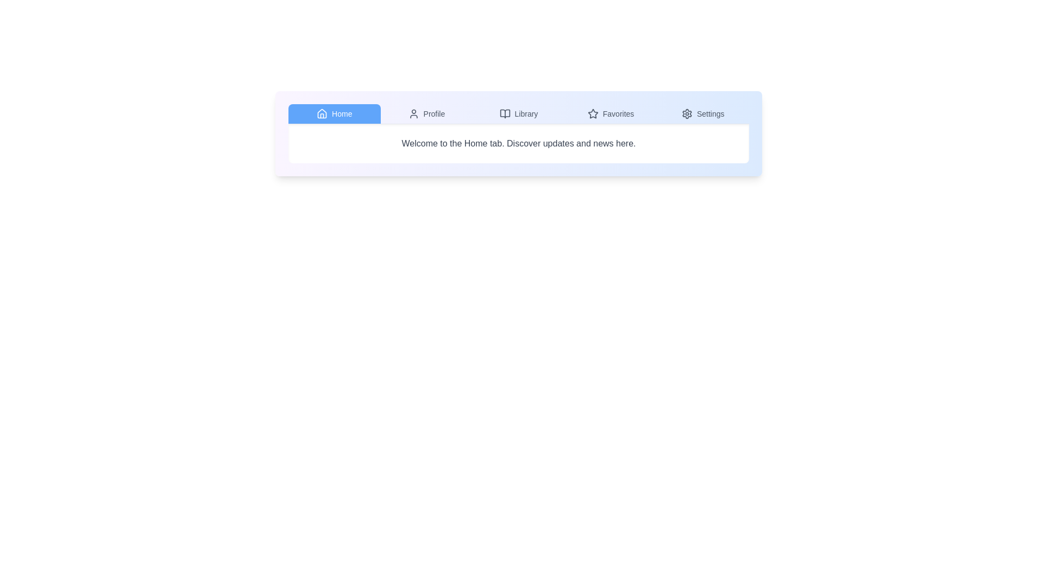 The width and height of the screenshot is (1043, 586). What do you see at coordinates (686, 113) in the screenshot?
I see `the SVG graphical element representing 'Settings' located at the far-right position in the top navigation bar, adjacent to the label 'Settings'` at bounding box center [686, 113].